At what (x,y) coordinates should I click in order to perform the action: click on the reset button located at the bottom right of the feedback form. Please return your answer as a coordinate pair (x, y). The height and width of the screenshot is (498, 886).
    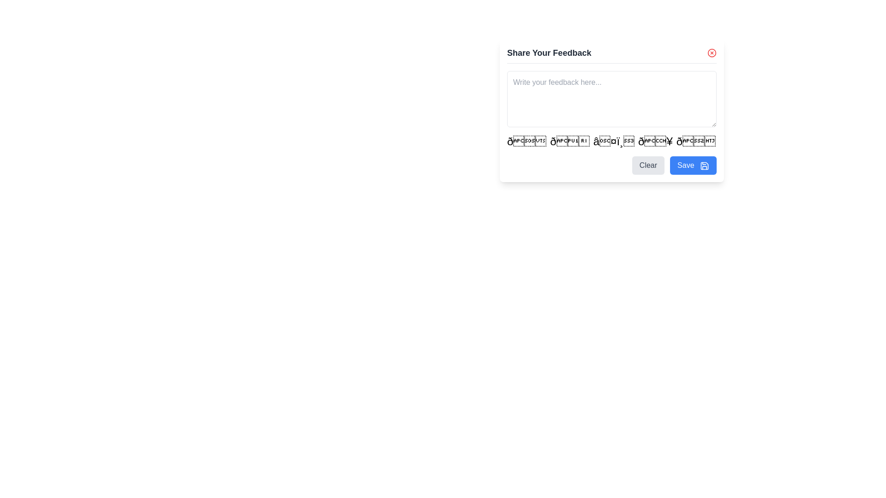
    Looking at the image, I should click on (648, 165).